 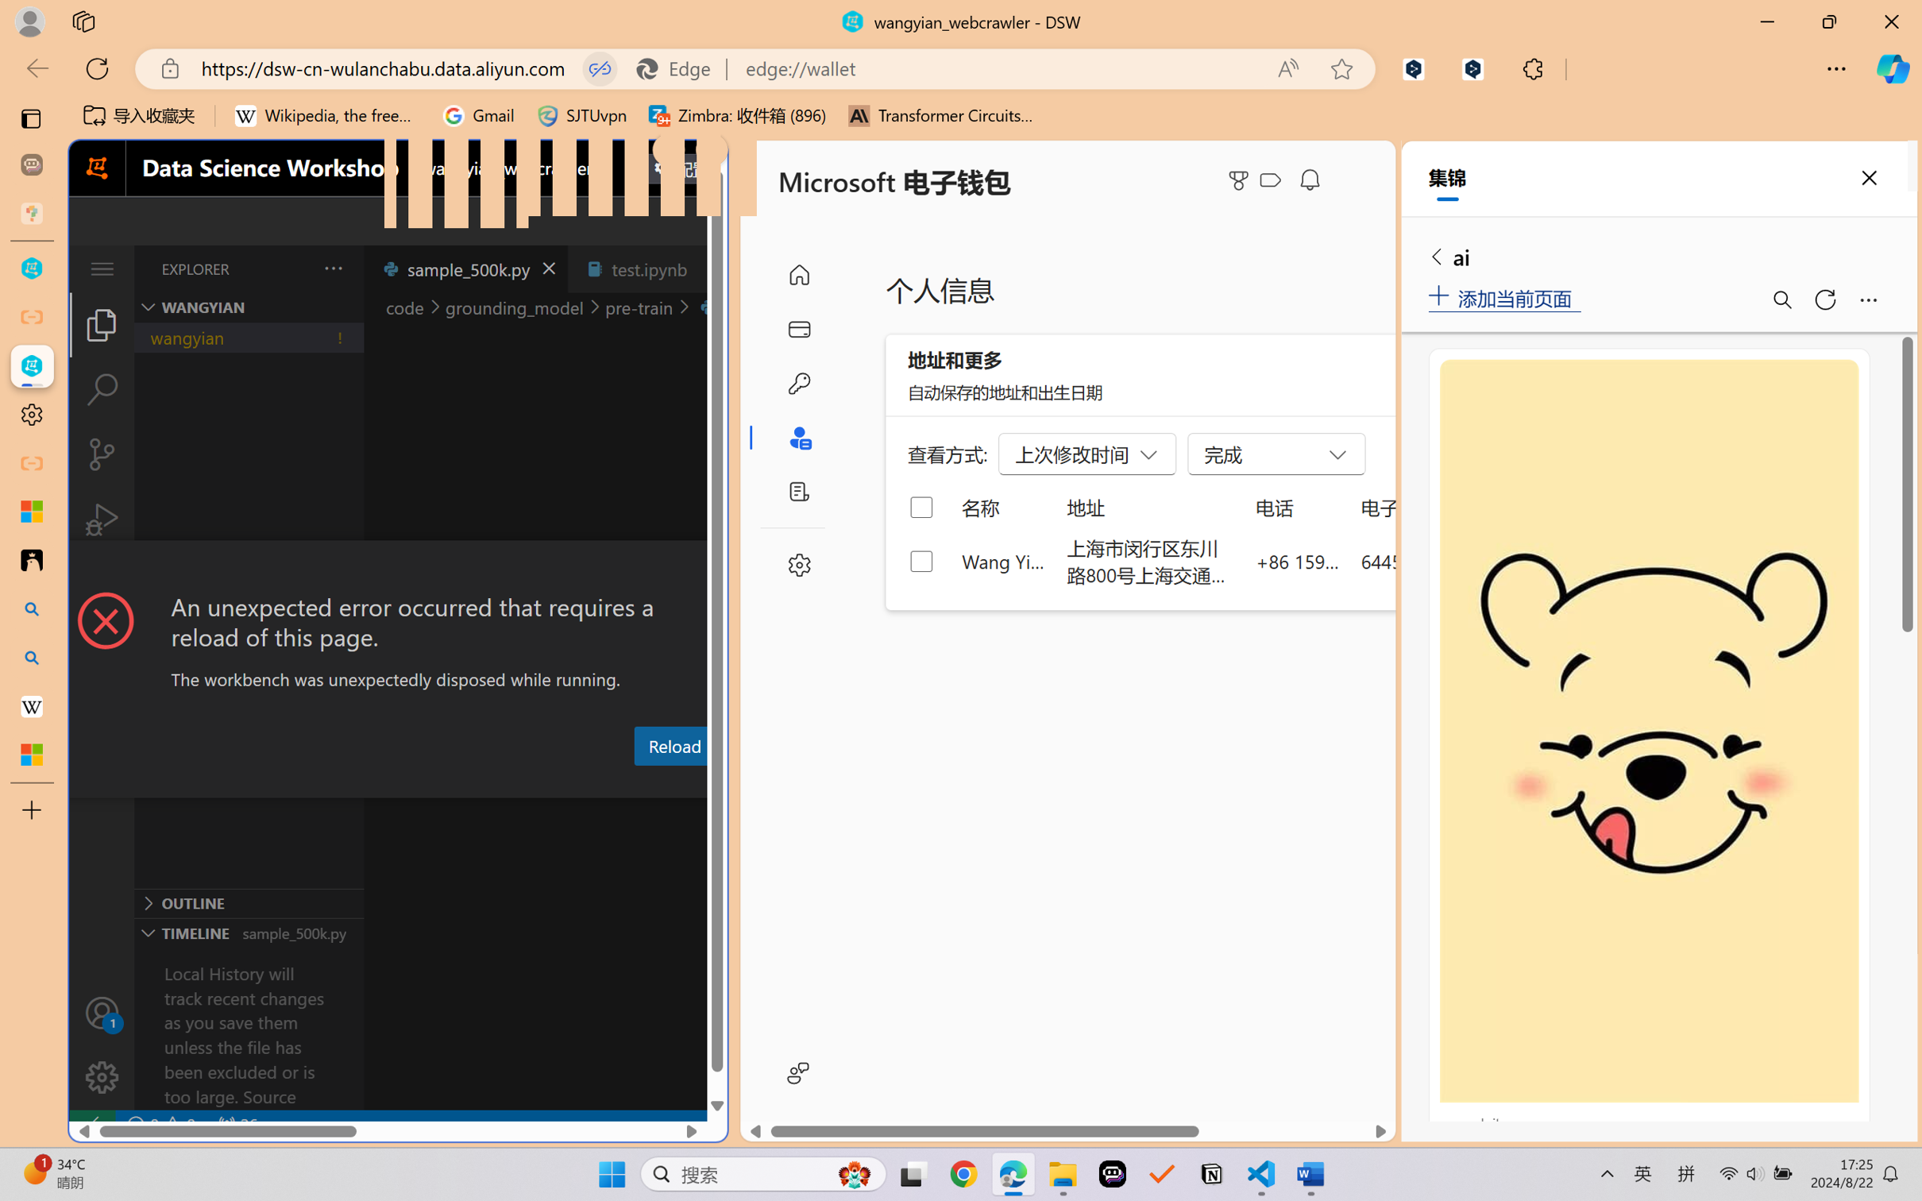 I want to click on 'Manage', so click(x=101, y=1044).